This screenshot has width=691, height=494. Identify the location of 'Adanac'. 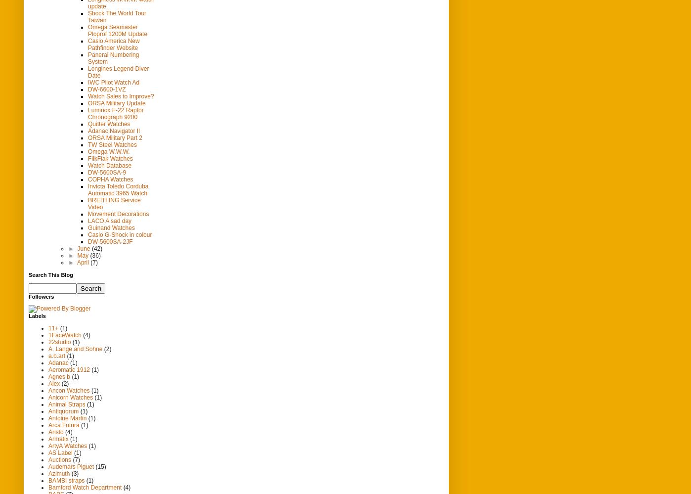
(58, 361).